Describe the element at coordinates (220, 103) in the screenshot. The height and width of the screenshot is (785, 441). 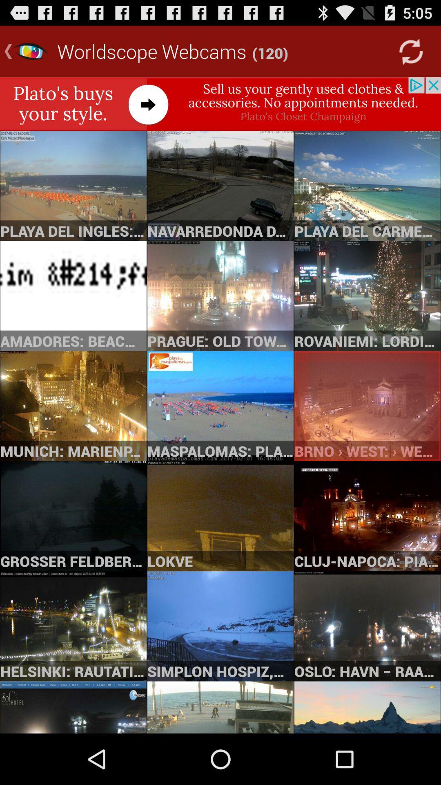
I see `advertisement` at that location.